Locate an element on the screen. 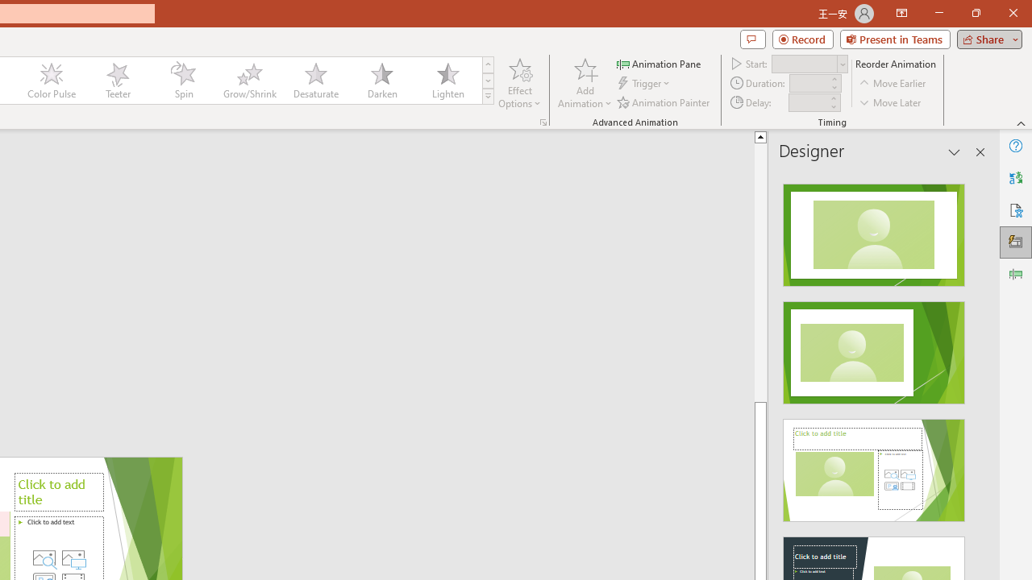 The height and width of the screenshot is (580, 1032). 'Restore Down' is located at coordinates (975, 13).